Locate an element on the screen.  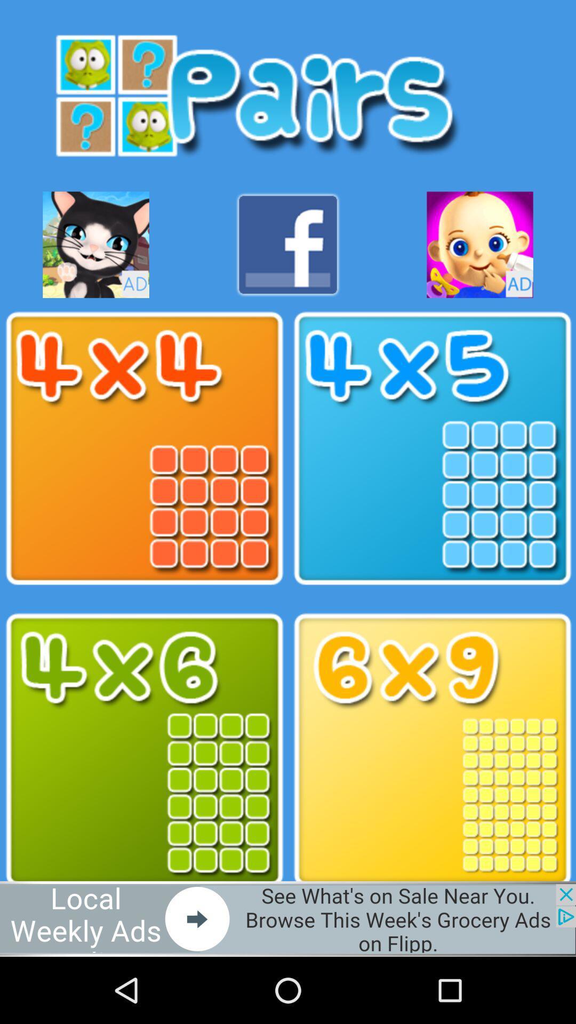
click on game is located at coordinates (144, 749).